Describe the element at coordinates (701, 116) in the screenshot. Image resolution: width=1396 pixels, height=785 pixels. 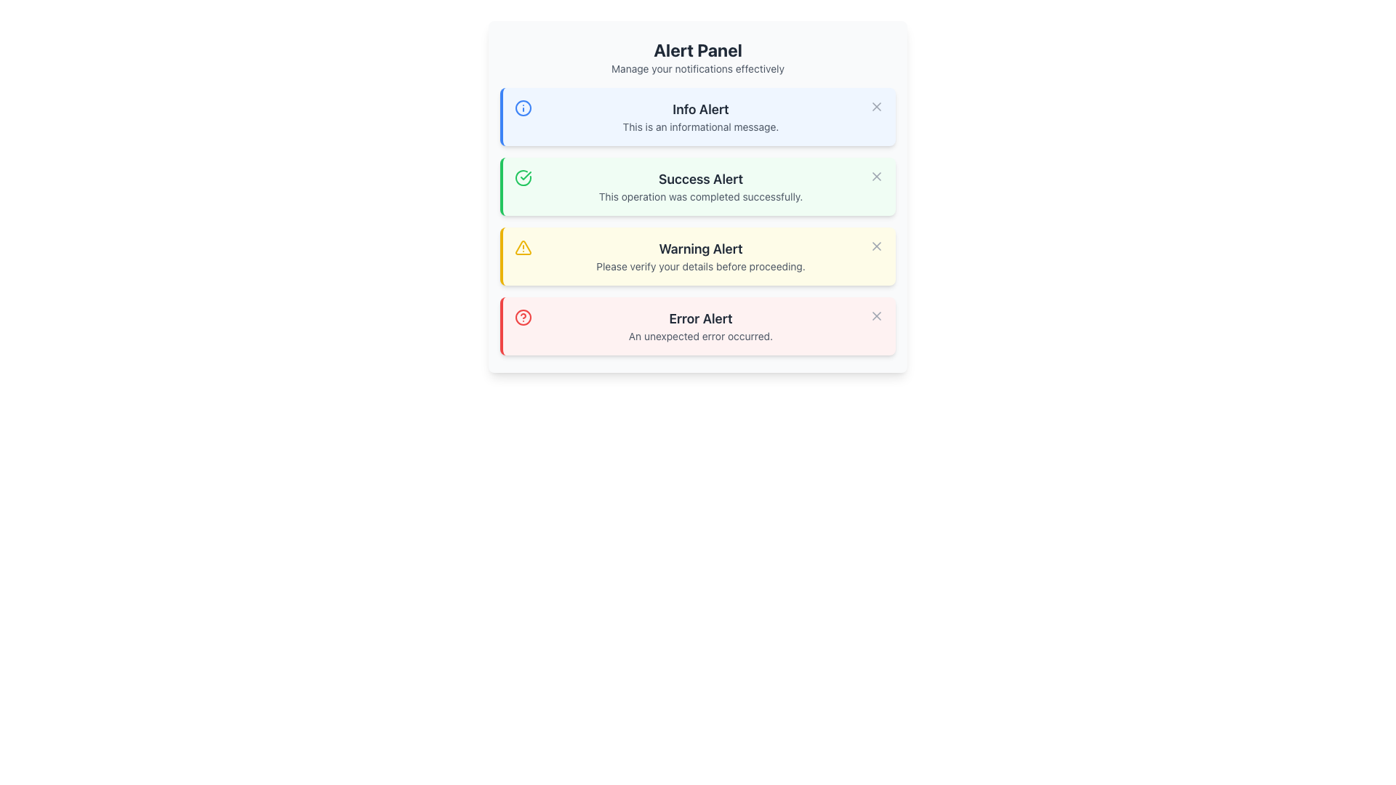
I see `the 'Info Alert' box that displays the message 'This is an informational message.'` at that location.